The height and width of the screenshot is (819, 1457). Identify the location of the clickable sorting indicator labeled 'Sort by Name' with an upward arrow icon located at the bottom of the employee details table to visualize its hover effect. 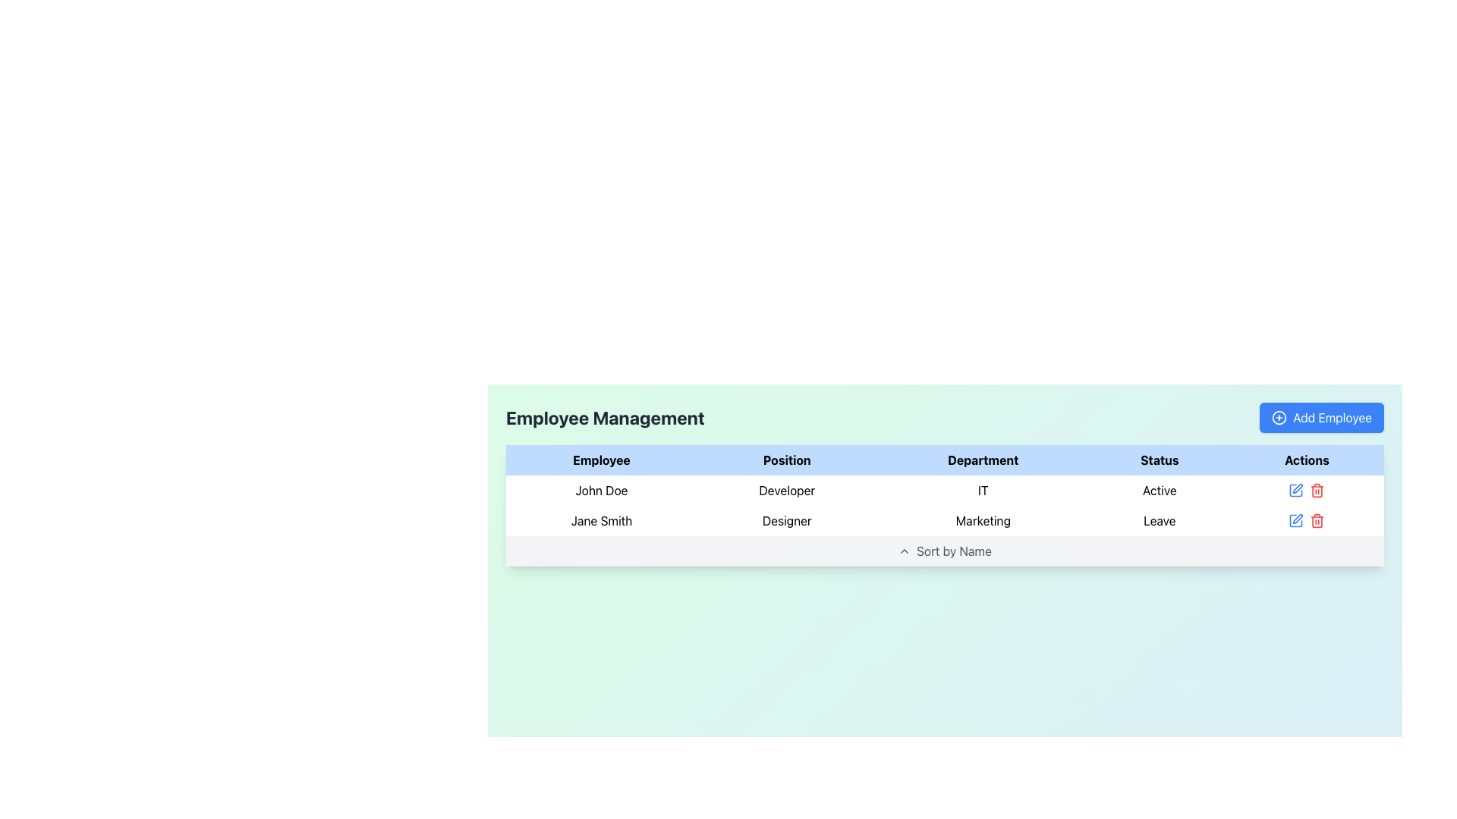
(944, 551).